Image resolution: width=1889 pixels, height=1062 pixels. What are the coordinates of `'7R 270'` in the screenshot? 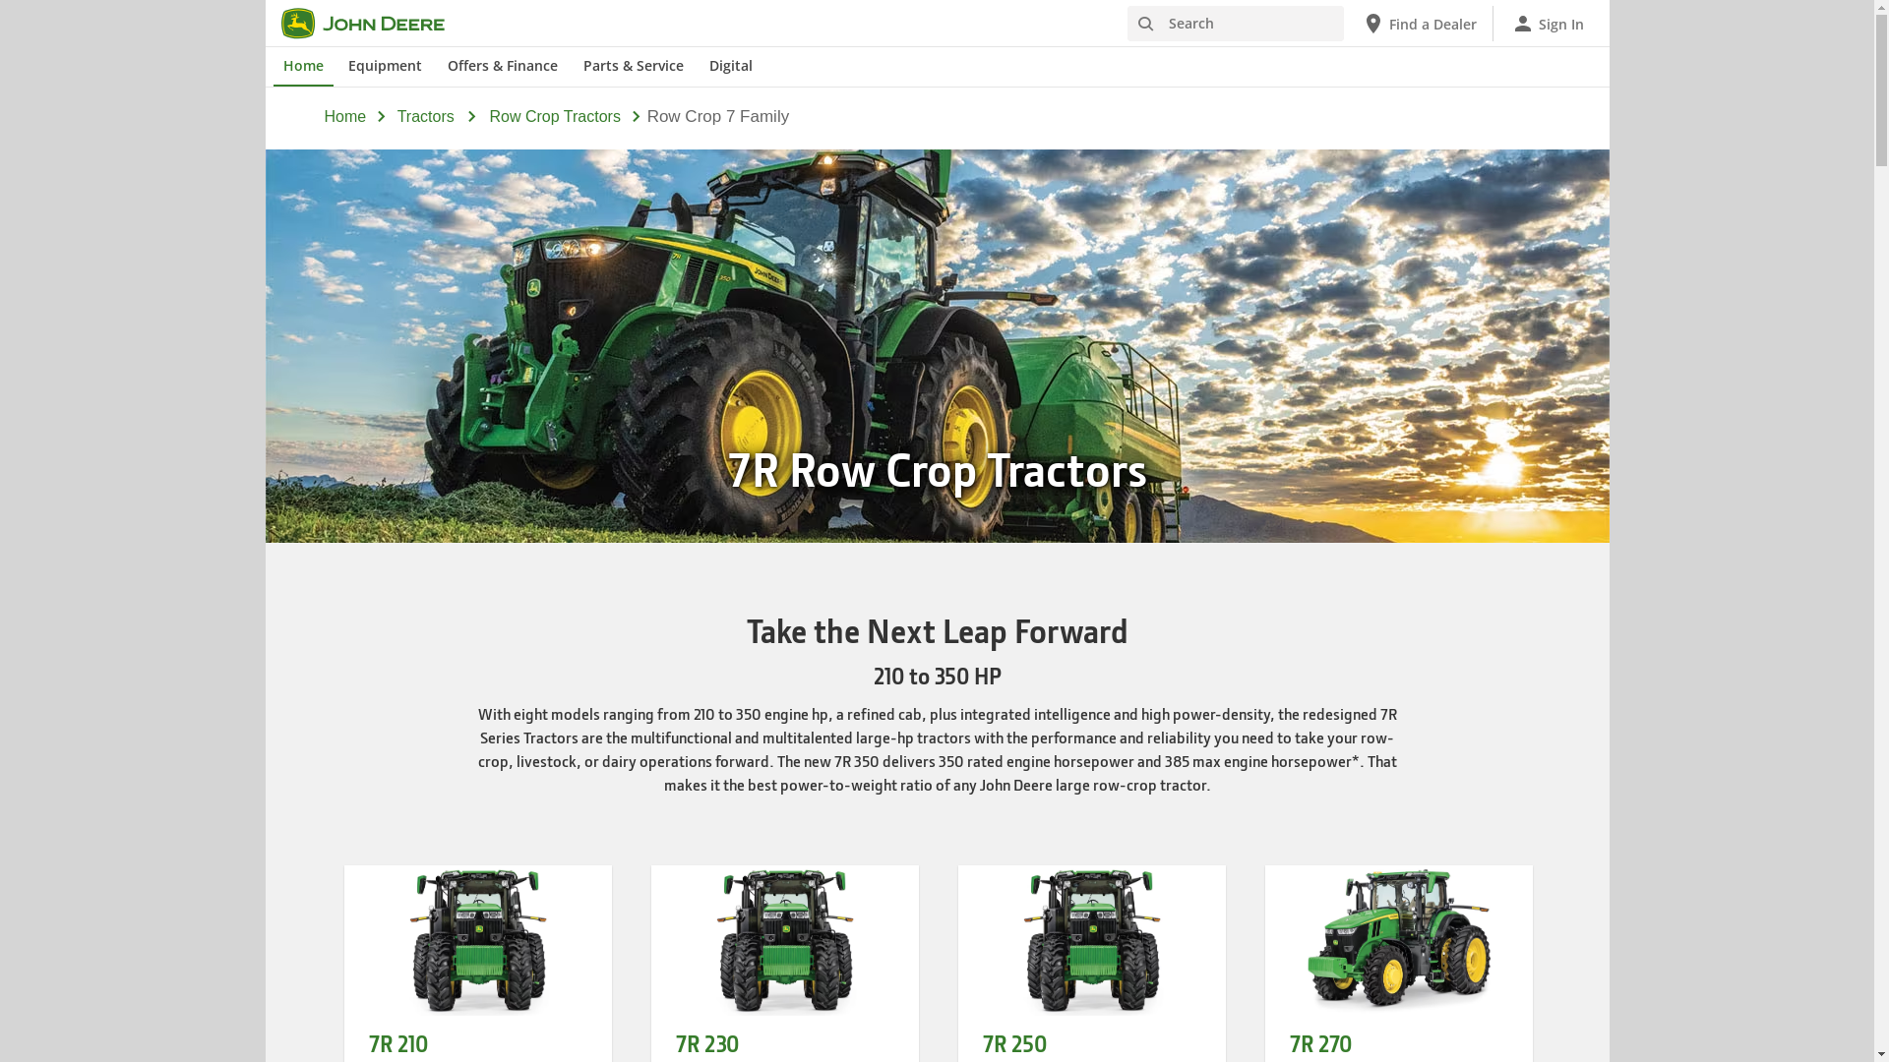 It's located at (1319, 1042).